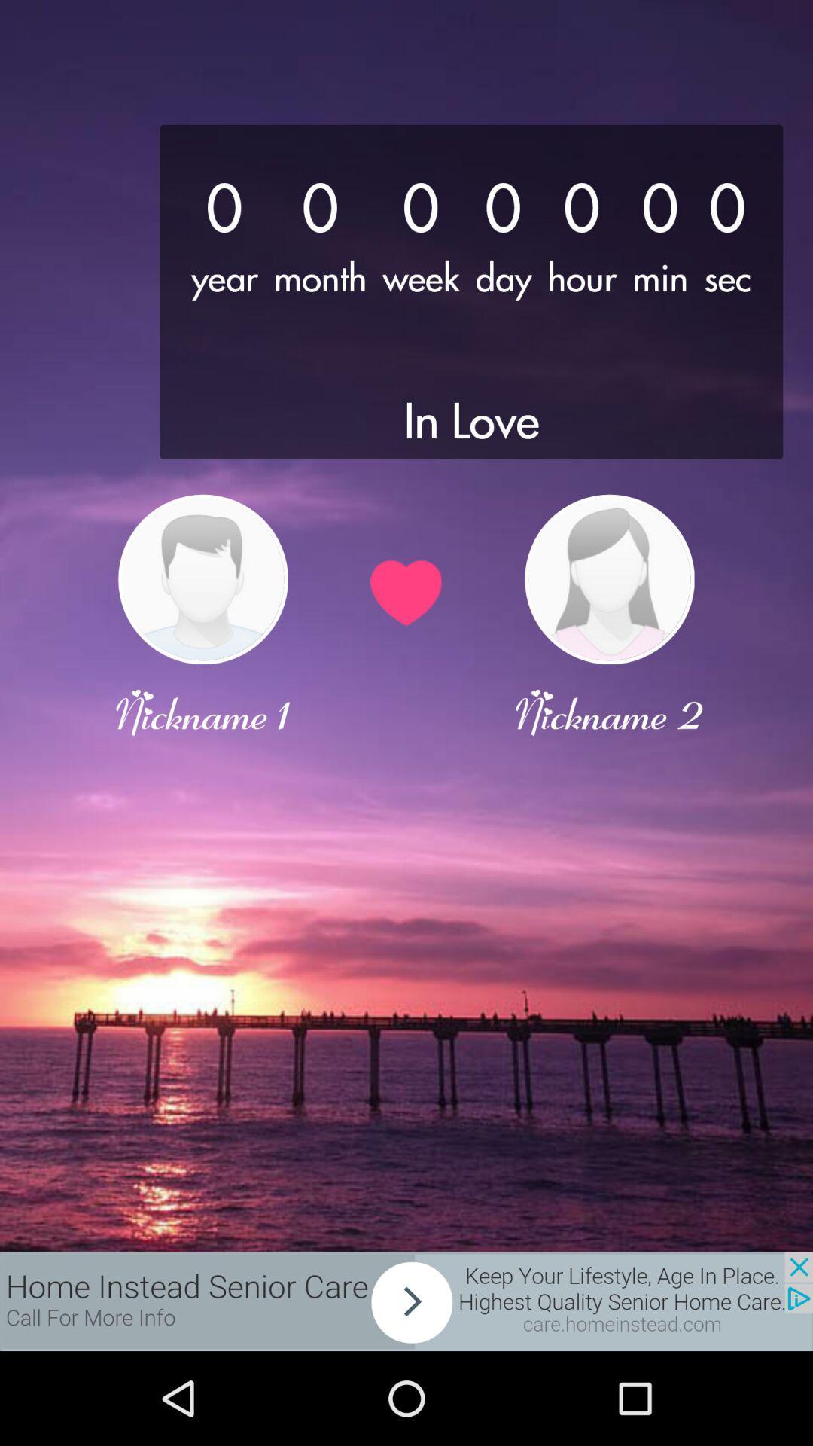 The height and width of the screenshot is (1446, 813). Describe the element at coordinates (406, 1301) in the screenshot. I see `menu button` at that location.